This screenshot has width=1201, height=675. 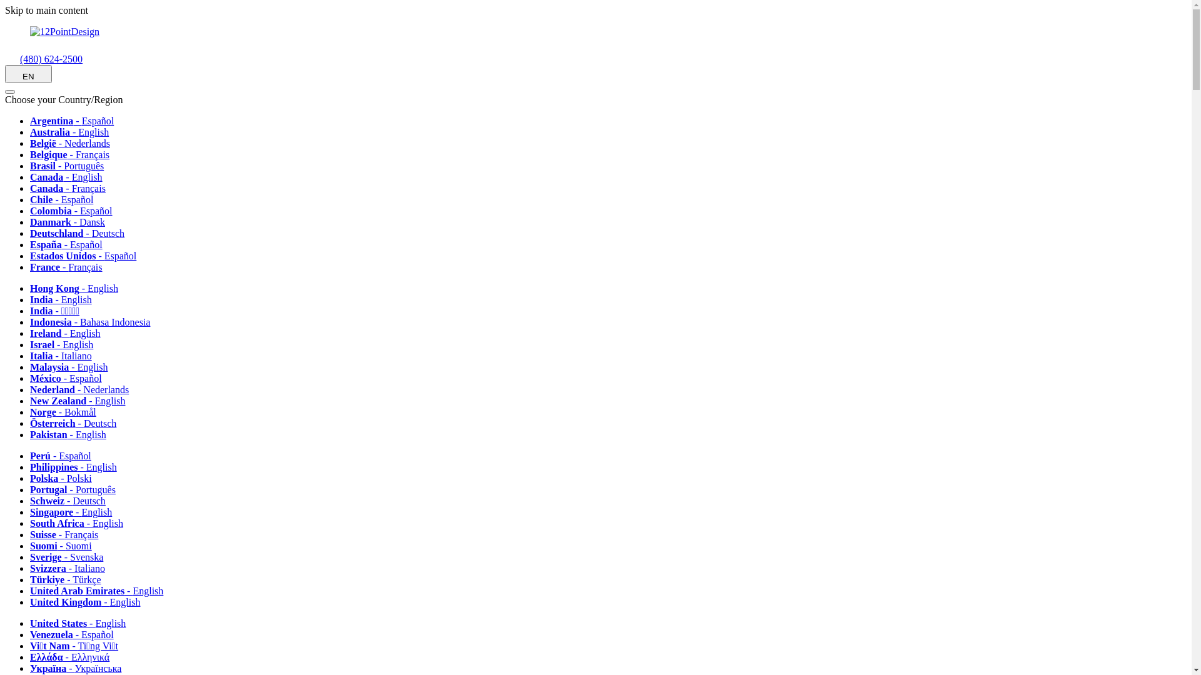 What do you see at coordinates (44, 59) in the screenshot?
I see `'(480) 624-2500'` at bounding box center [44, 59].